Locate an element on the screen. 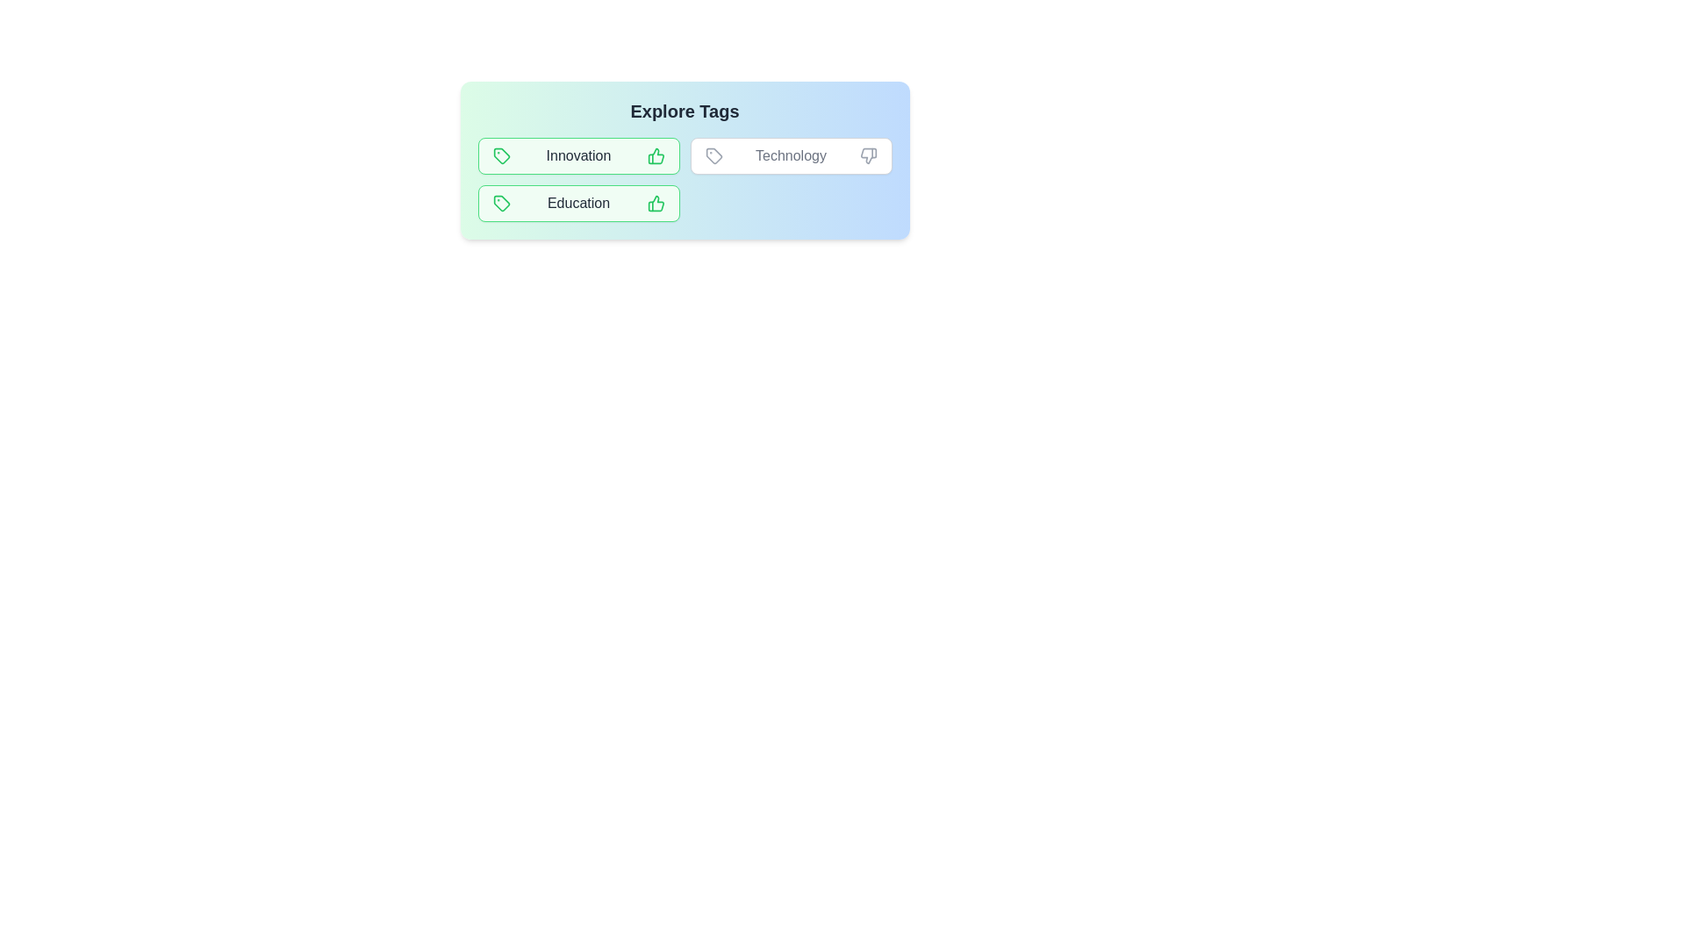 This screenshot has width=1685, height=948. the tag Education to observe its styling changes is located at coordinates (578, 202).